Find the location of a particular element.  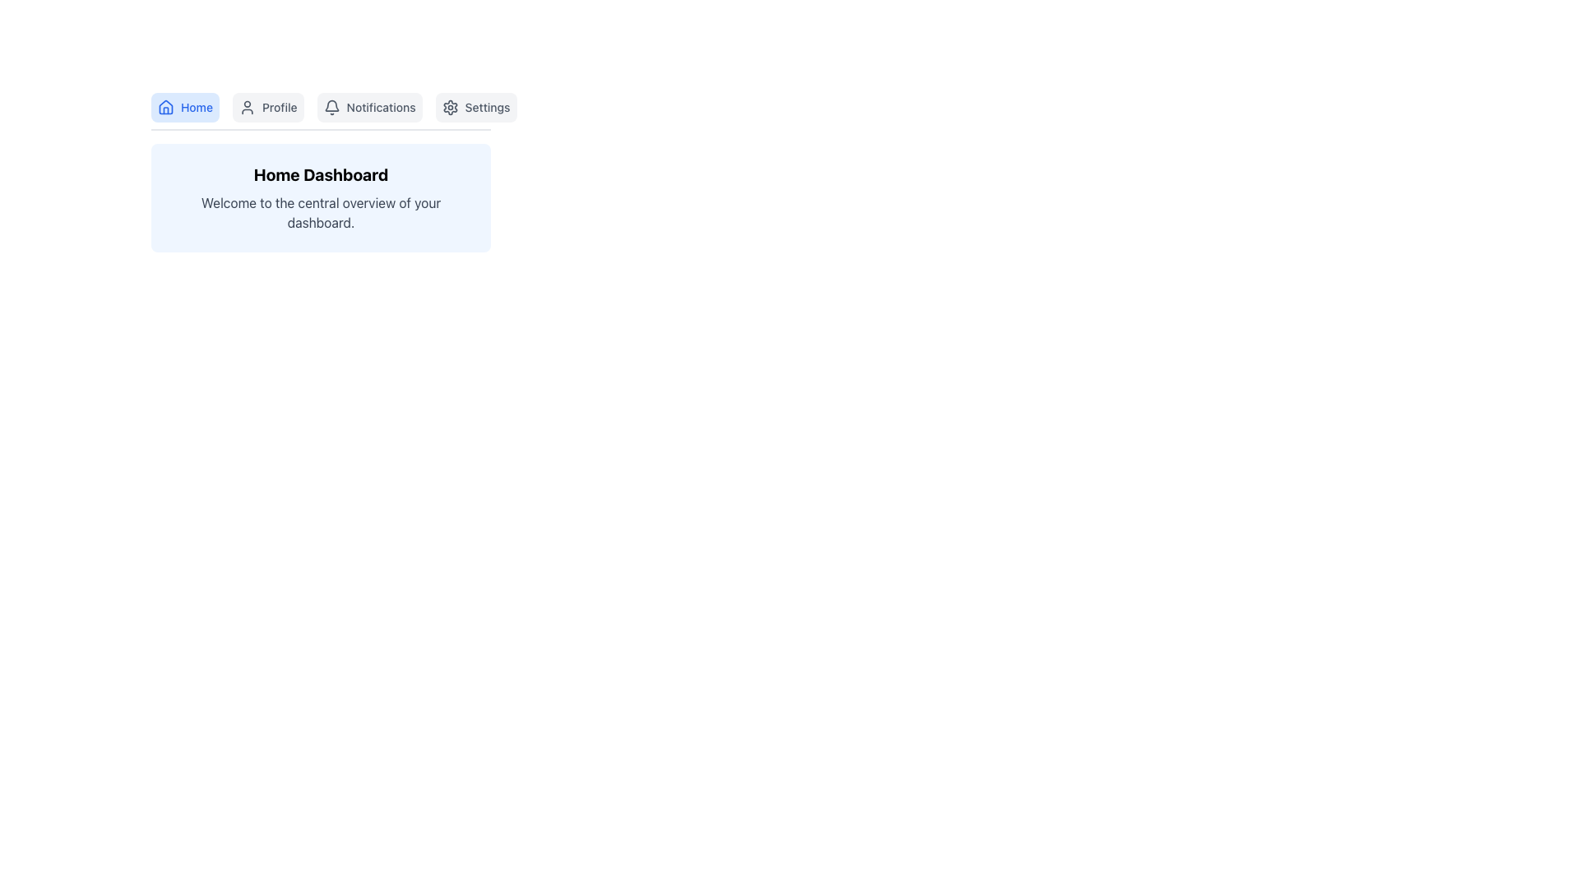

the 'Settings' button, which has a light gray background and displays a gear icon is located at coordinates (475, 108).